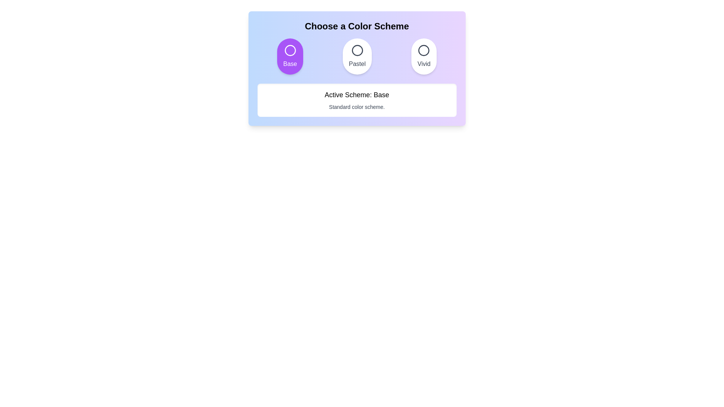 Image resolution: width=724 pixels, height=407 pixels. Describe the element at coordinates (424, 56) in the screenshot. I see `the color scheme Vivid by clicking its corresponding button` at that location.